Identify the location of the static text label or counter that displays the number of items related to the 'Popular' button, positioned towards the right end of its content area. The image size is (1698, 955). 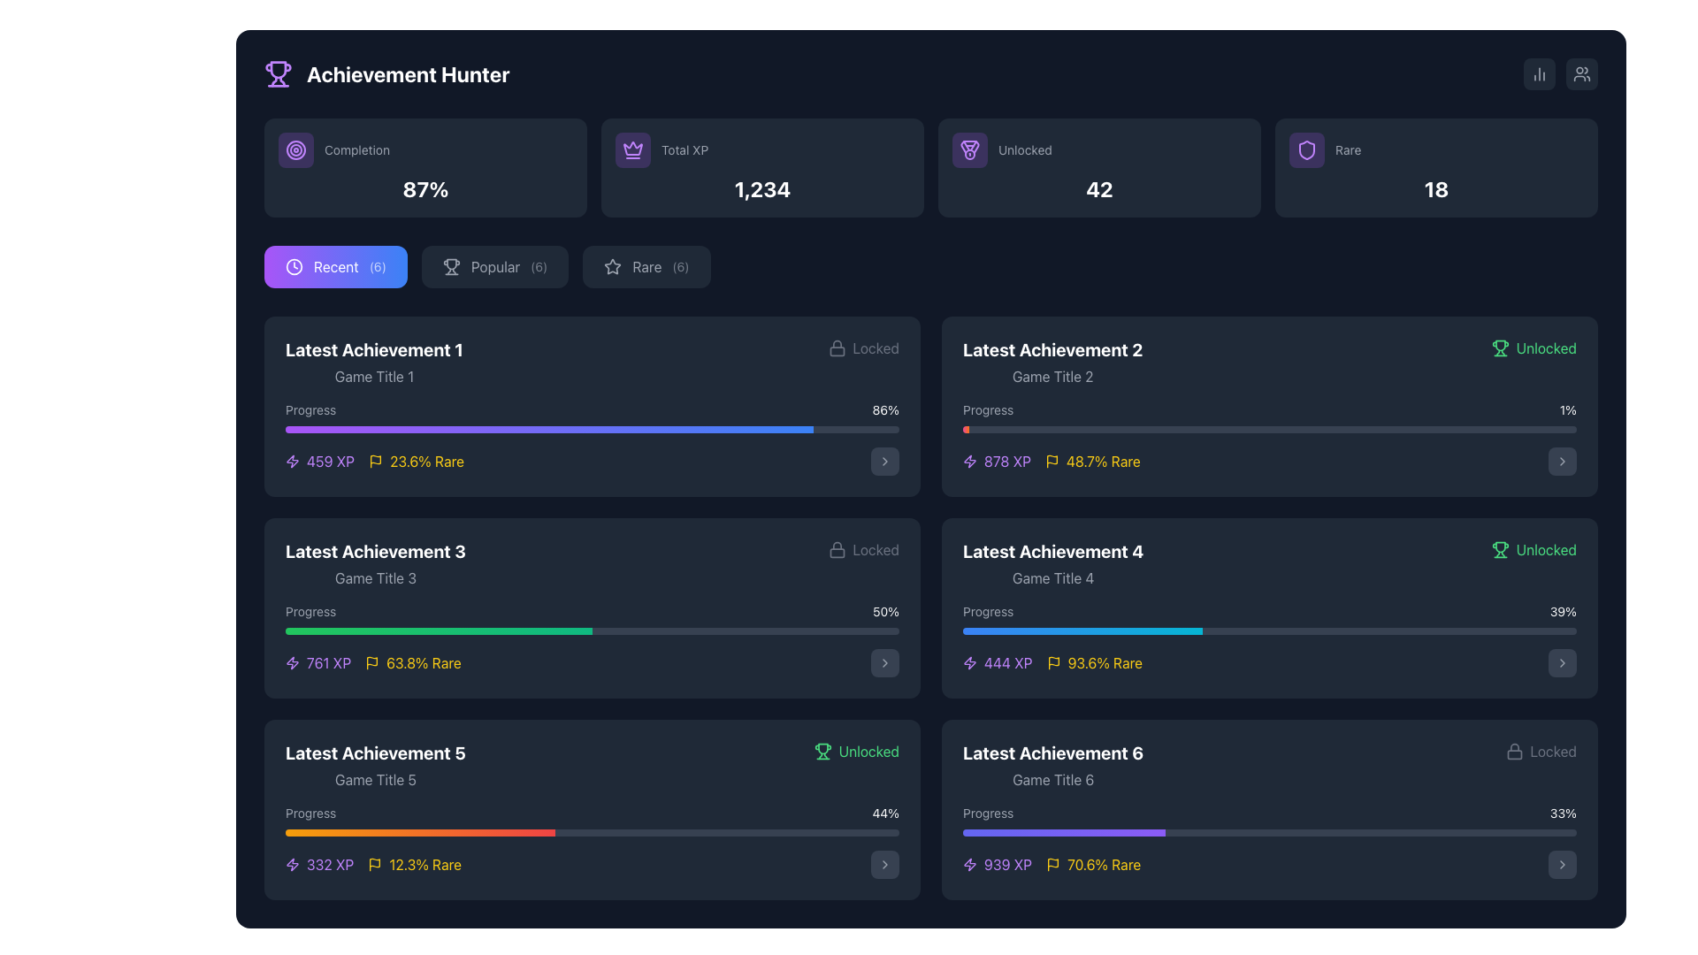
(538, 266).